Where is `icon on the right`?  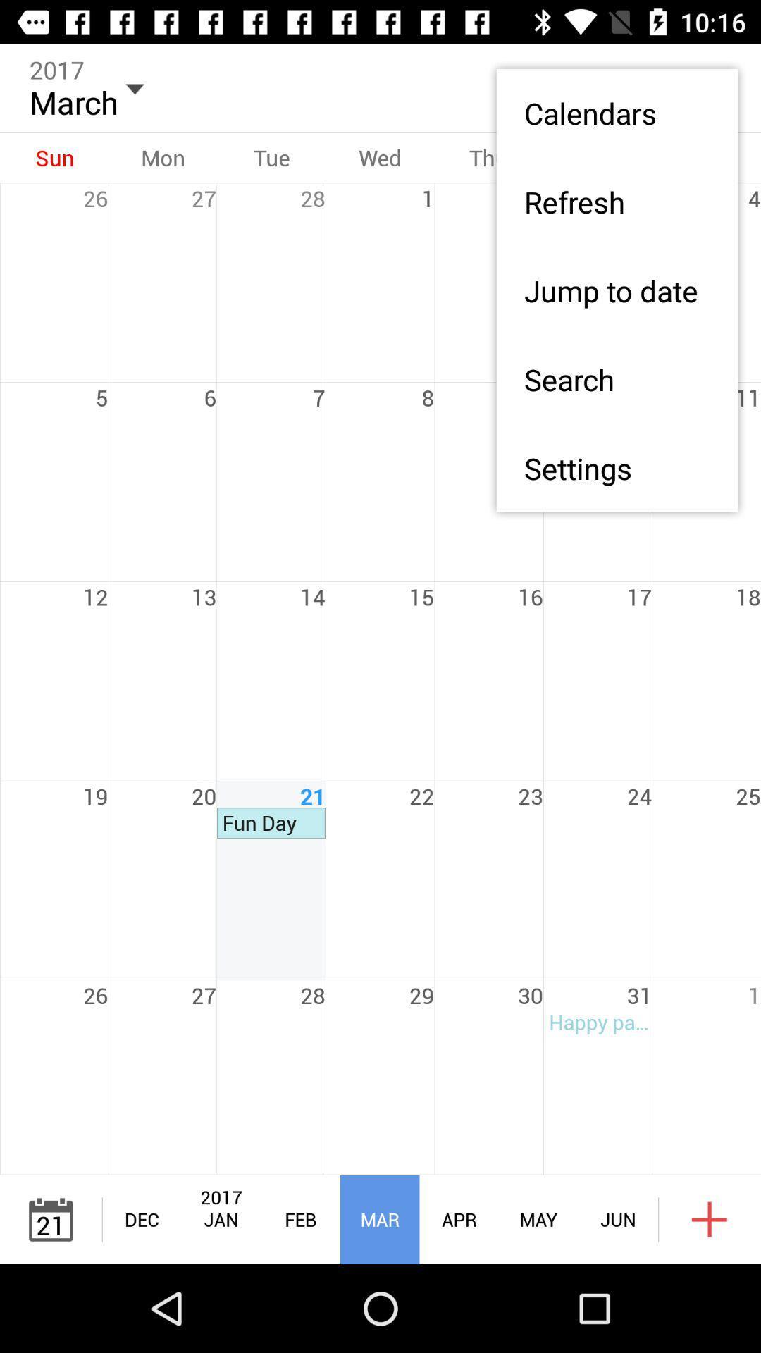 icon on the right is located at coordinates (616, 468).